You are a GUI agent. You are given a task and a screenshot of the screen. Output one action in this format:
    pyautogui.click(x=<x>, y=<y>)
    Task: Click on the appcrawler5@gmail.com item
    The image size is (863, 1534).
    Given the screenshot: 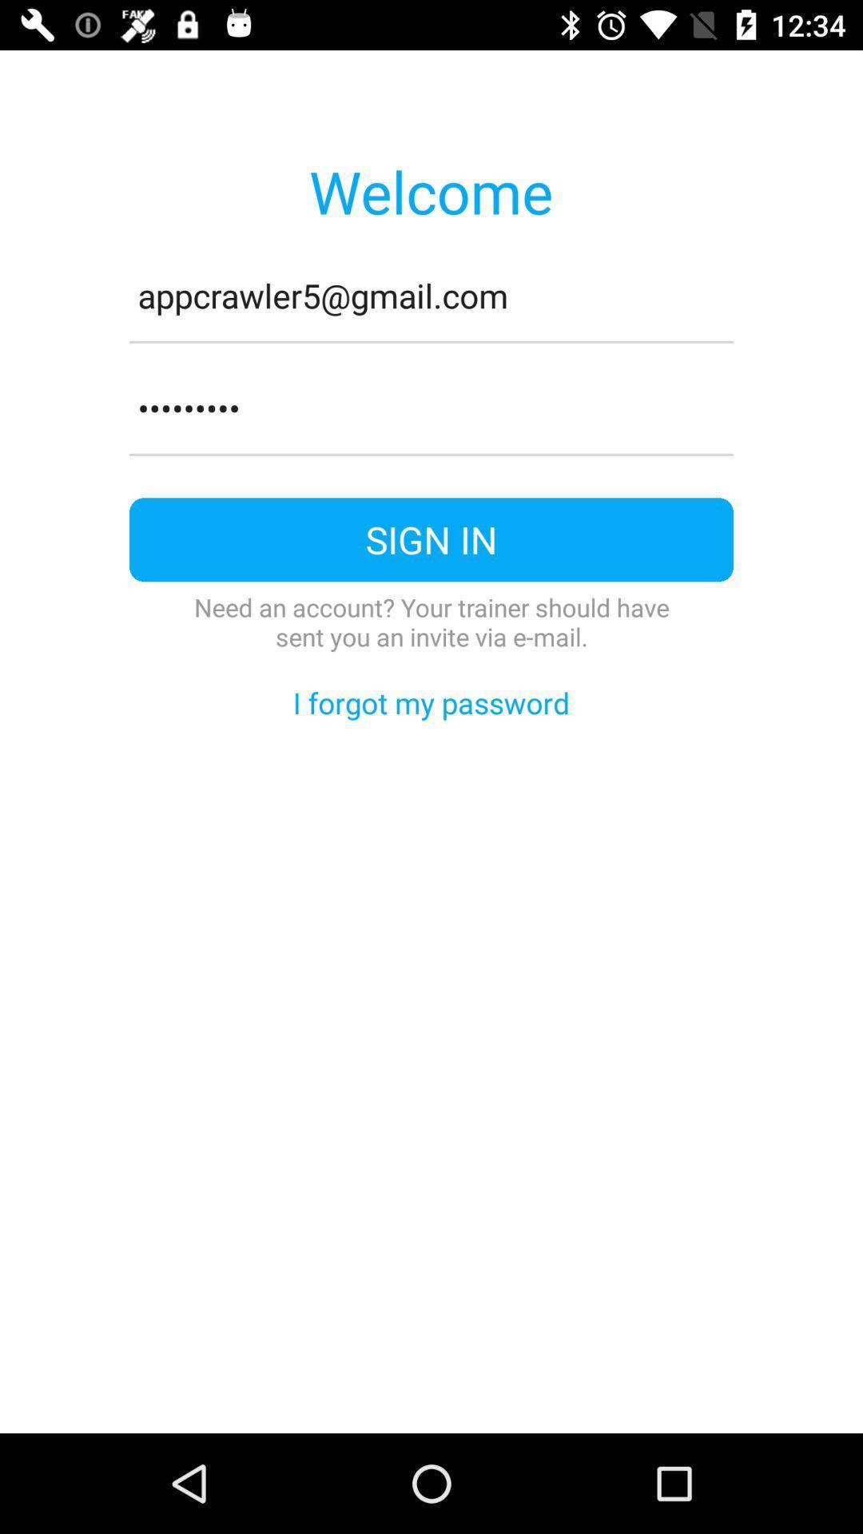 What is the action you would take?
    pyautogui.click(x=431, y=296)
    